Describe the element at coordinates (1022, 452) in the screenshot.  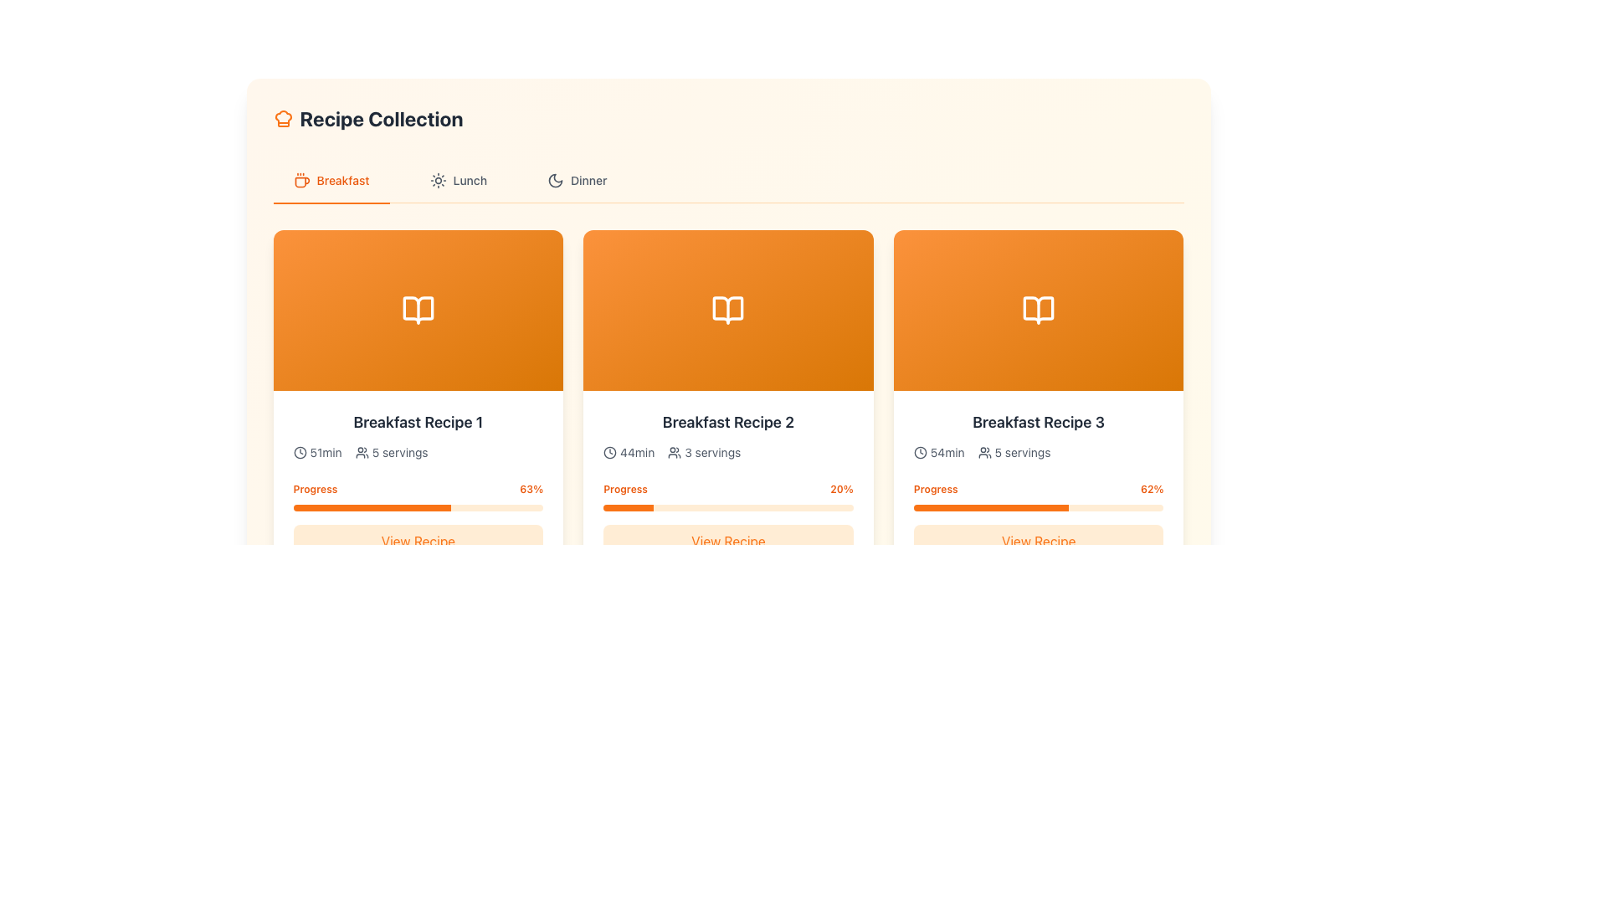
I see `the text label displaying the number of servings for 'Breakfast Recipe 3', located next to the user icon and below the prep time information` at that location.